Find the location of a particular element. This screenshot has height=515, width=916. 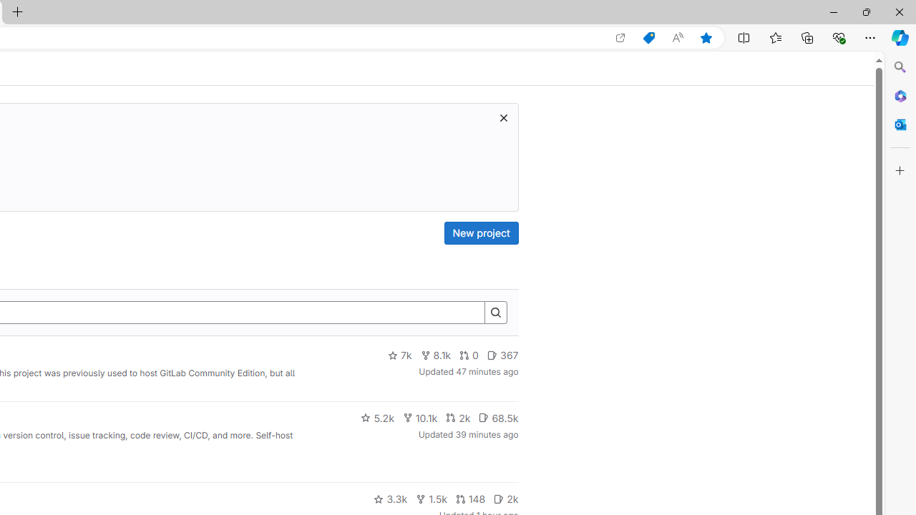

'New project' is located at coordinates (481, 232).